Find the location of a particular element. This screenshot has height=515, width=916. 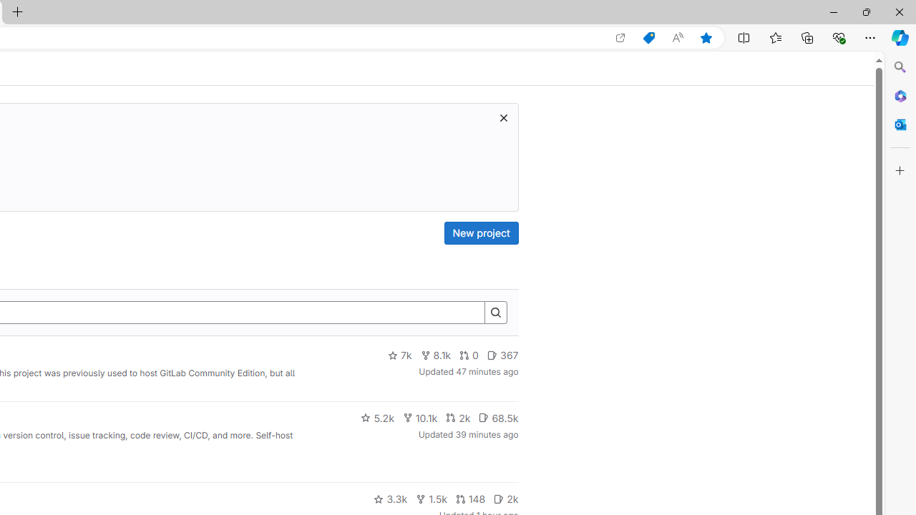

'New project' is located at coordinates (481, 232).